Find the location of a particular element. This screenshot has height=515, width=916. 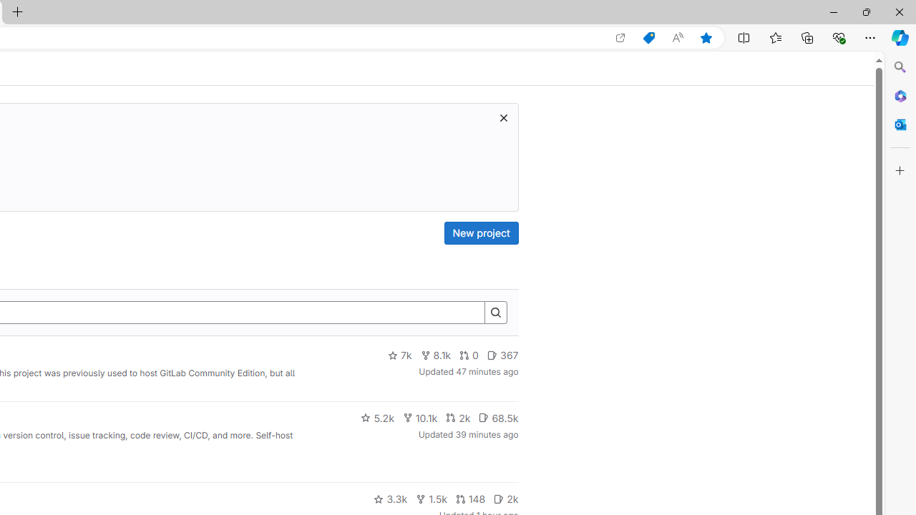

'New project' is located at coordinates (481, 232).